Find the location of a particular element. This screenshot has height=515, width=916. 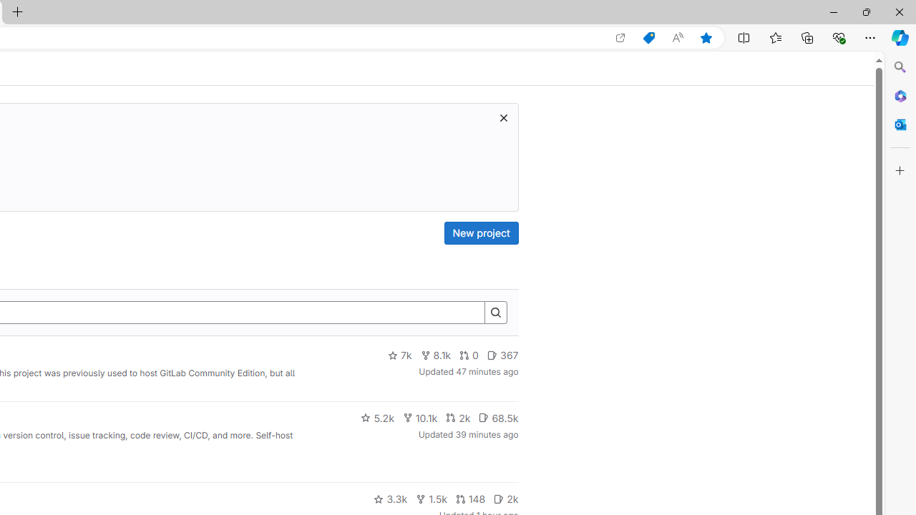

'New project' is located at coordinates (481, 232).